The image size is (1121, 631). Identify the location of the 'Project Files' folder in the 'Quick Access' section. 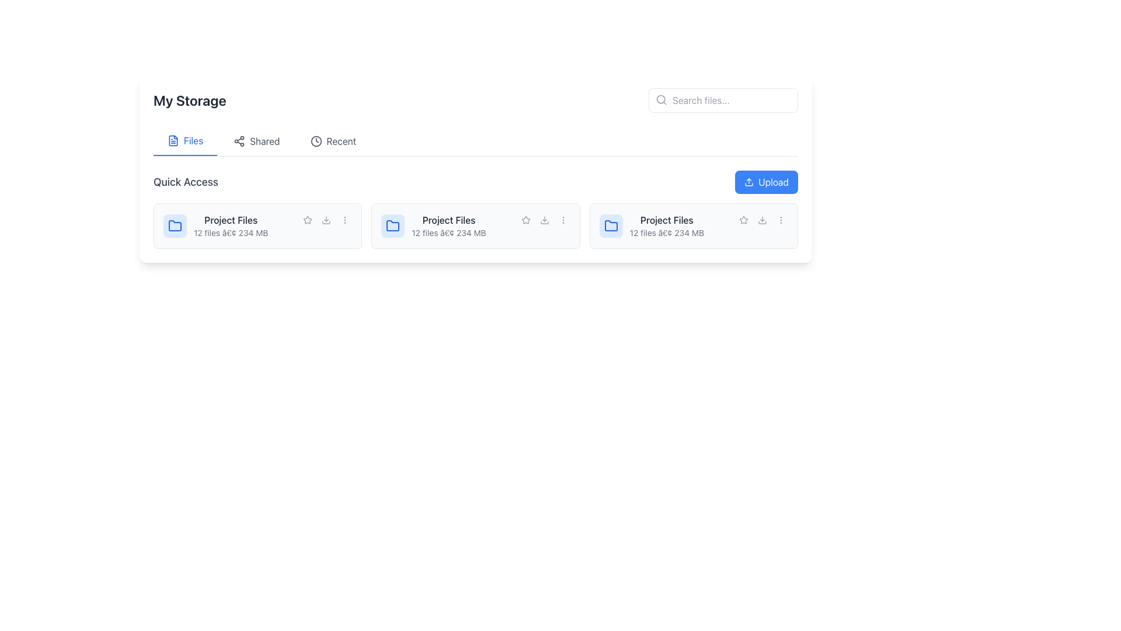
(433, 226).